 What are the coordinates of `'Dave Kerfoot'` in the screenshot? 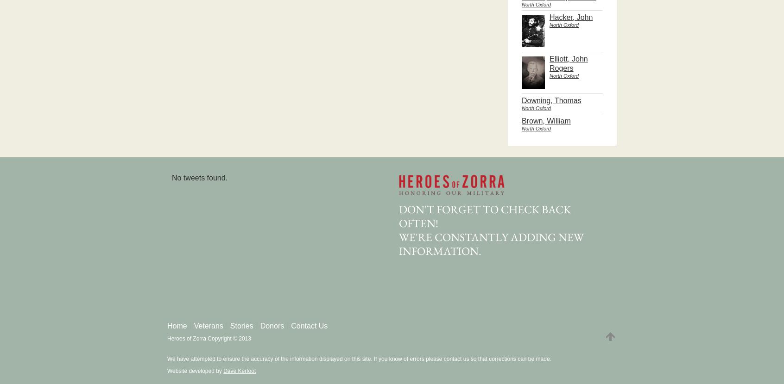 It's located at (240, 371).